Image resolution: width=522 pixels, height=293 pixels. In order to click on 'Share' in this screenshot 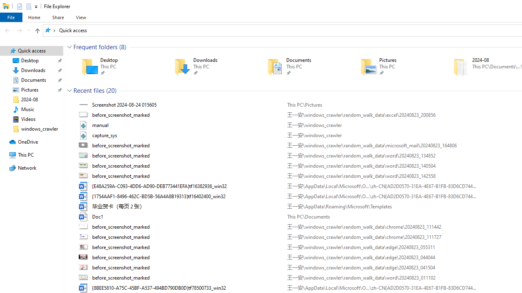, I will do `click(58, 17)`.